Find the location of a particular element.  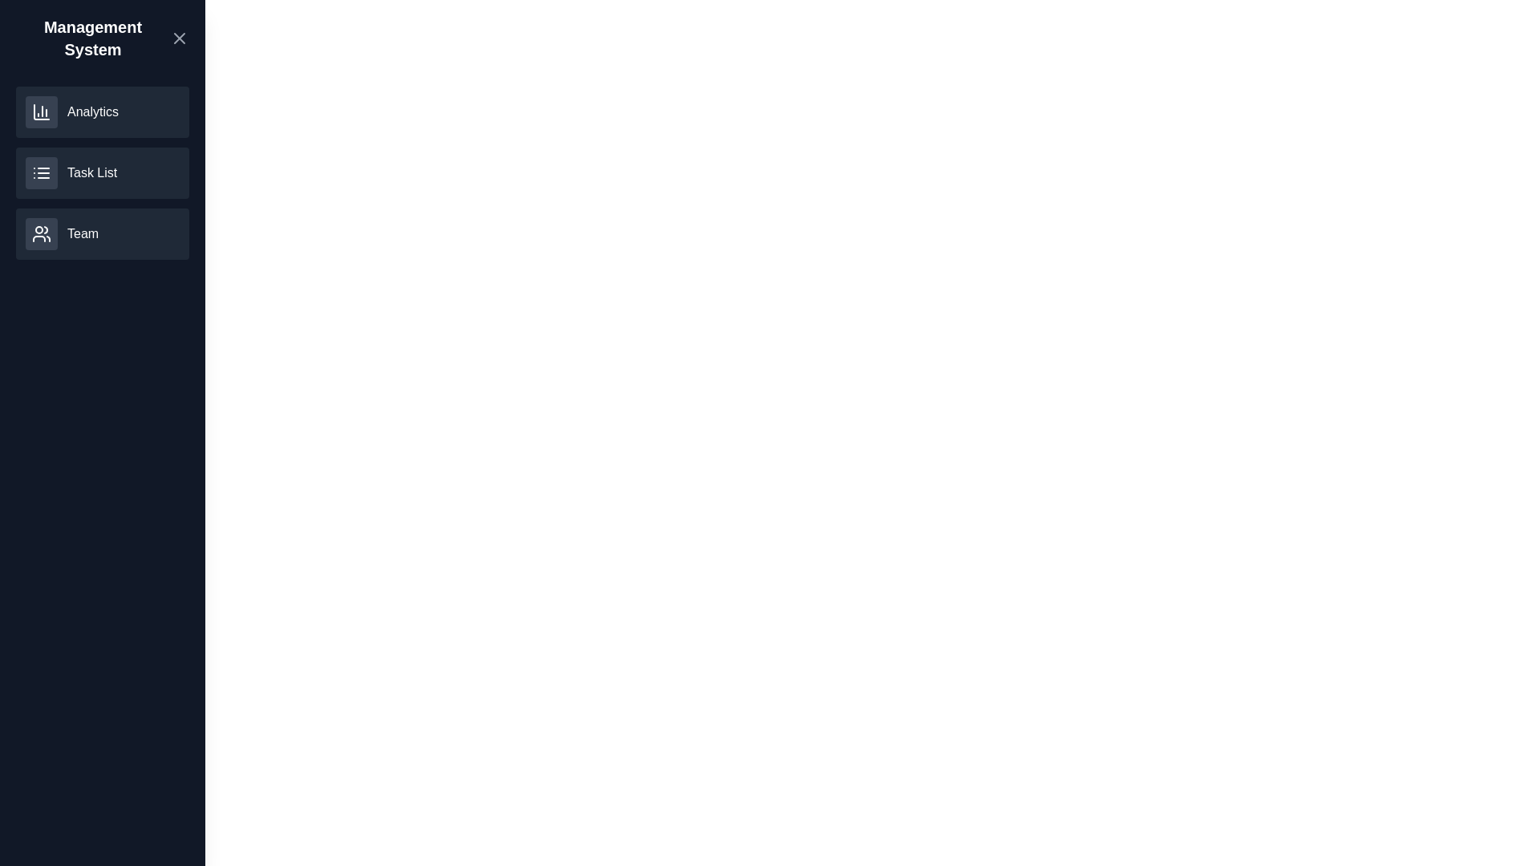

the close button to close the side drawer is located at coordinates (180, 37).